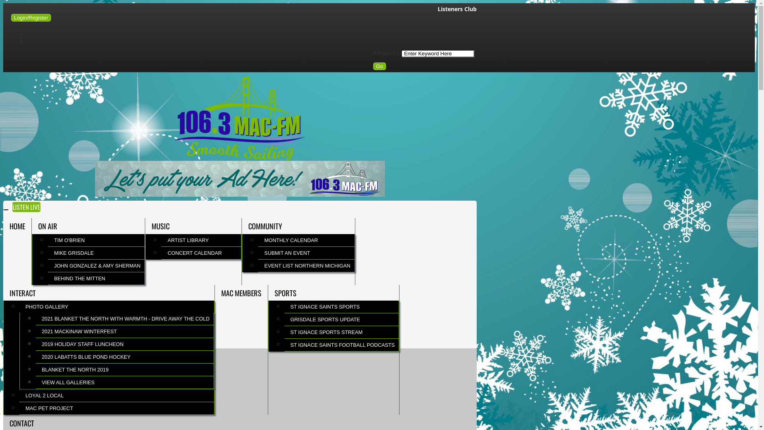 The image size is (764, 430). Describe the element at coordinates (241, 293) in the screenshot. I see `'MAC MEMBERS'` at that location.